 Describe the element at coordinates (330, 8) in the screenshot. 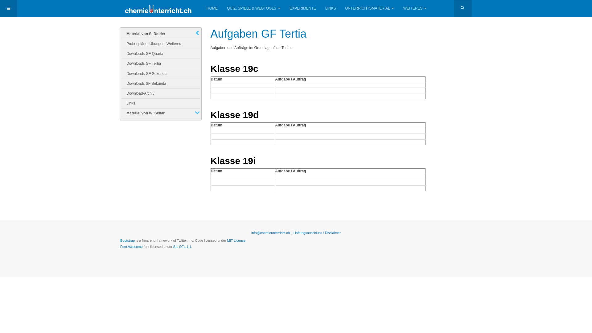

I see `'LINKS'` at that location.